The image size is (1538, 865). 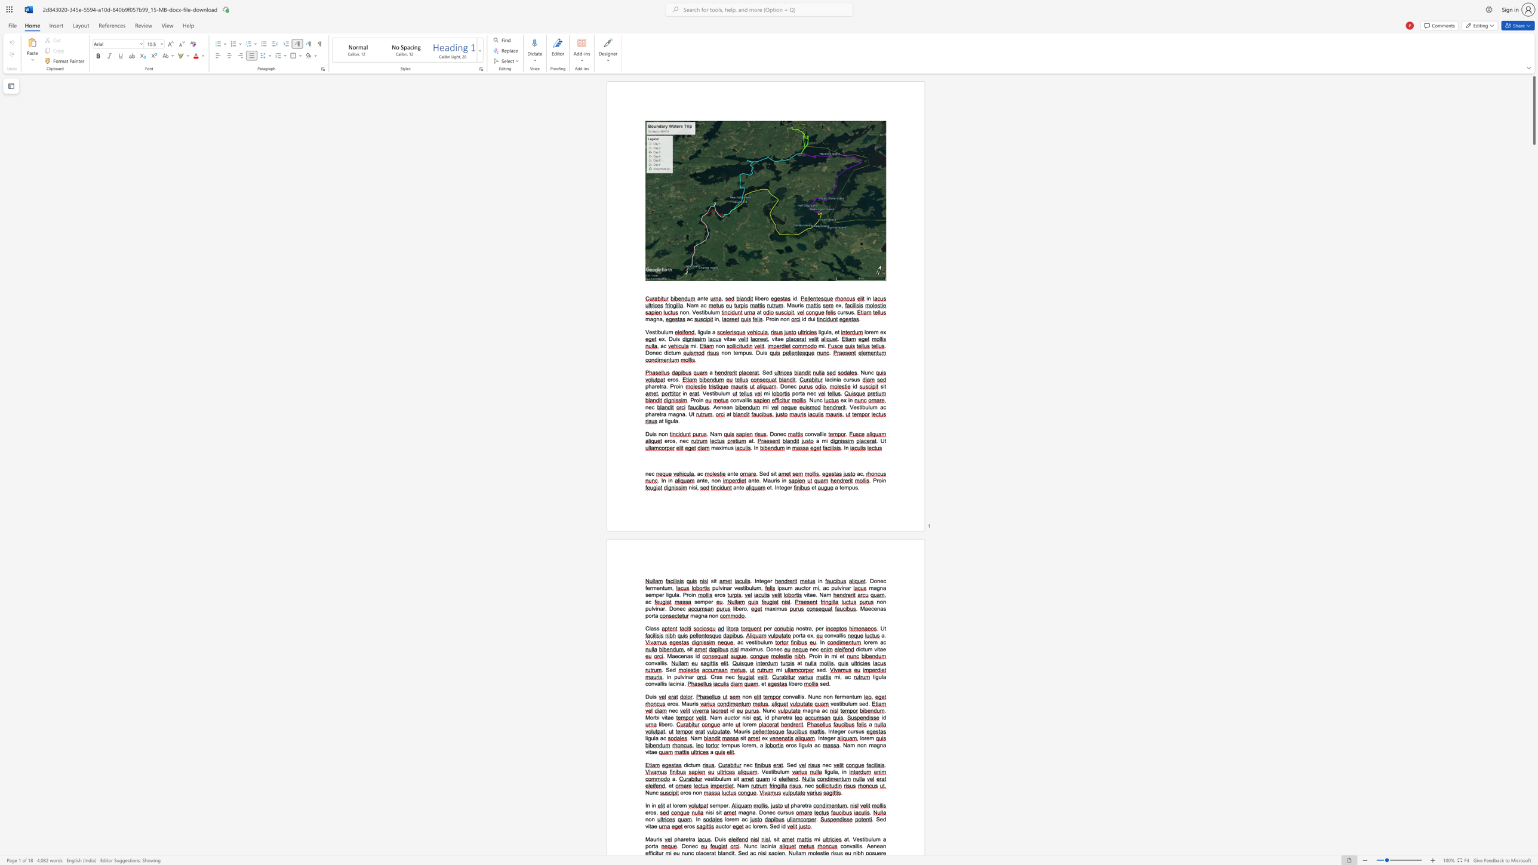 What do you see at coordinates (728, 818) in the screenshot?
I see `the 1th character "o" in the text` at bounding box center [728, 818].